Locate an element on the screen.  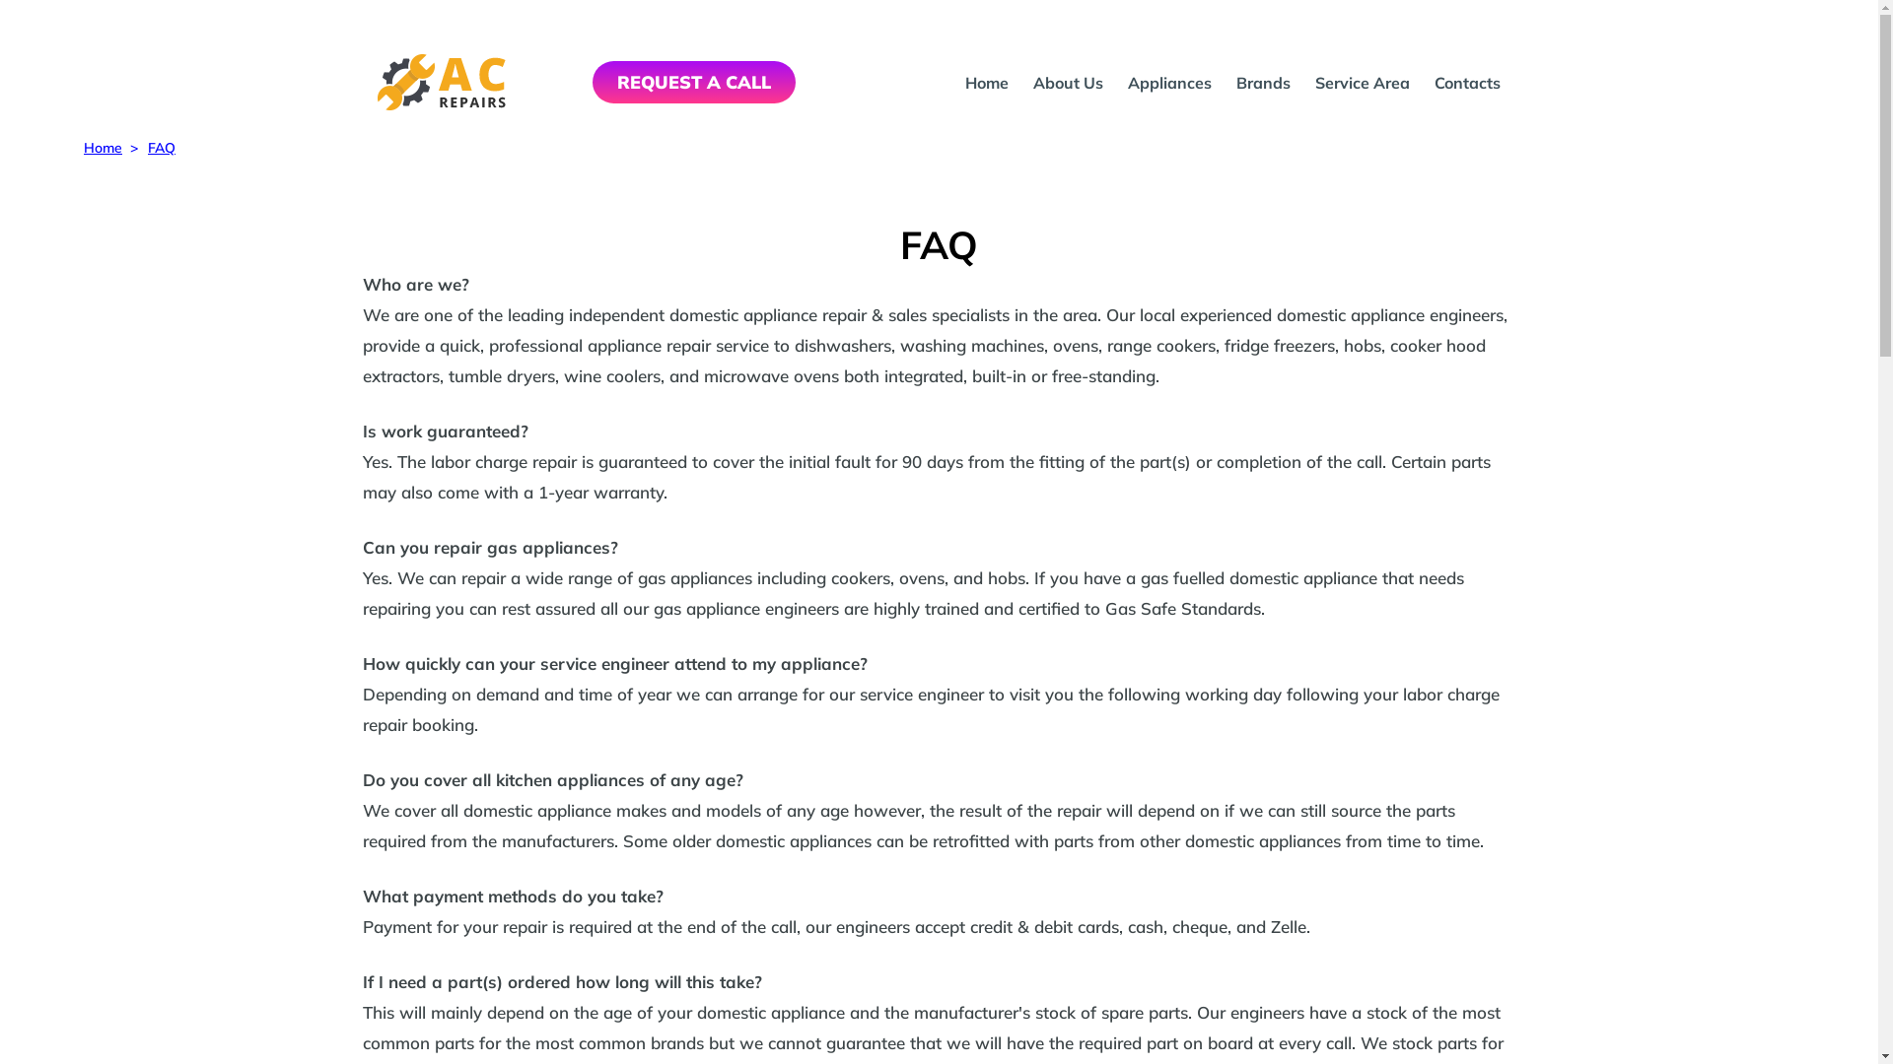
'FAQ' is located at coordinates (161, 147).